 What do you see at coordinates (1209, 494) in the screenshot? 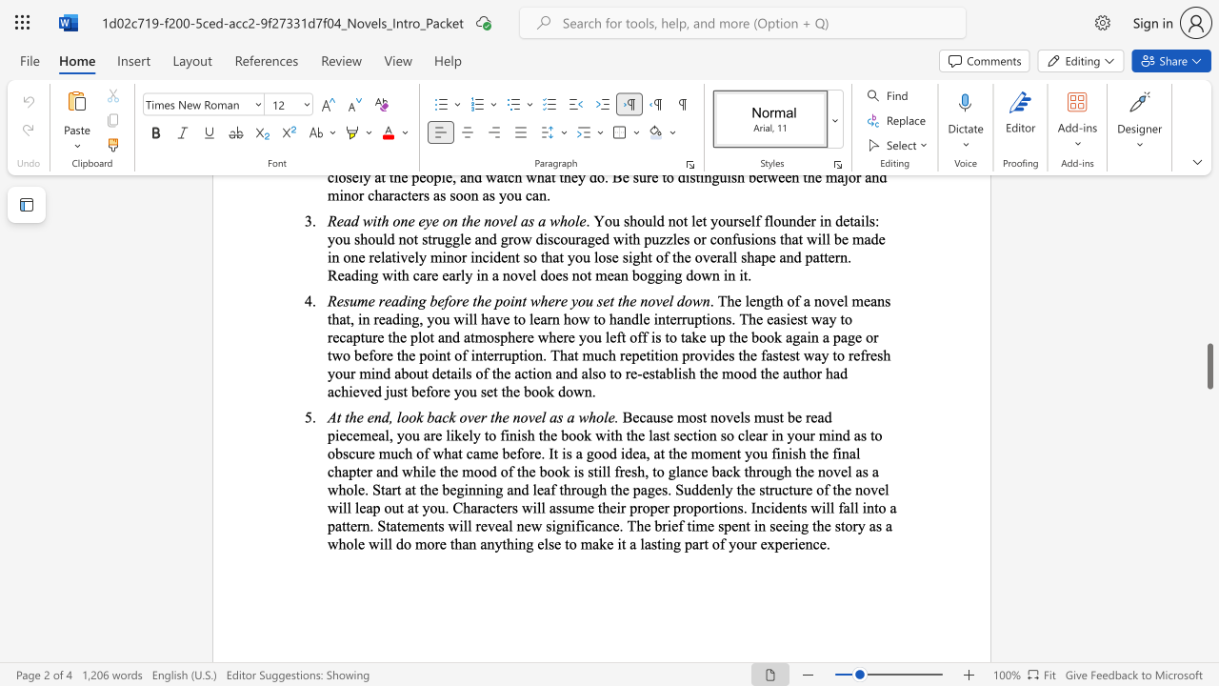
I see `the scrollbar on the right side to scroll the page up` at bounding box center [1209, 494].